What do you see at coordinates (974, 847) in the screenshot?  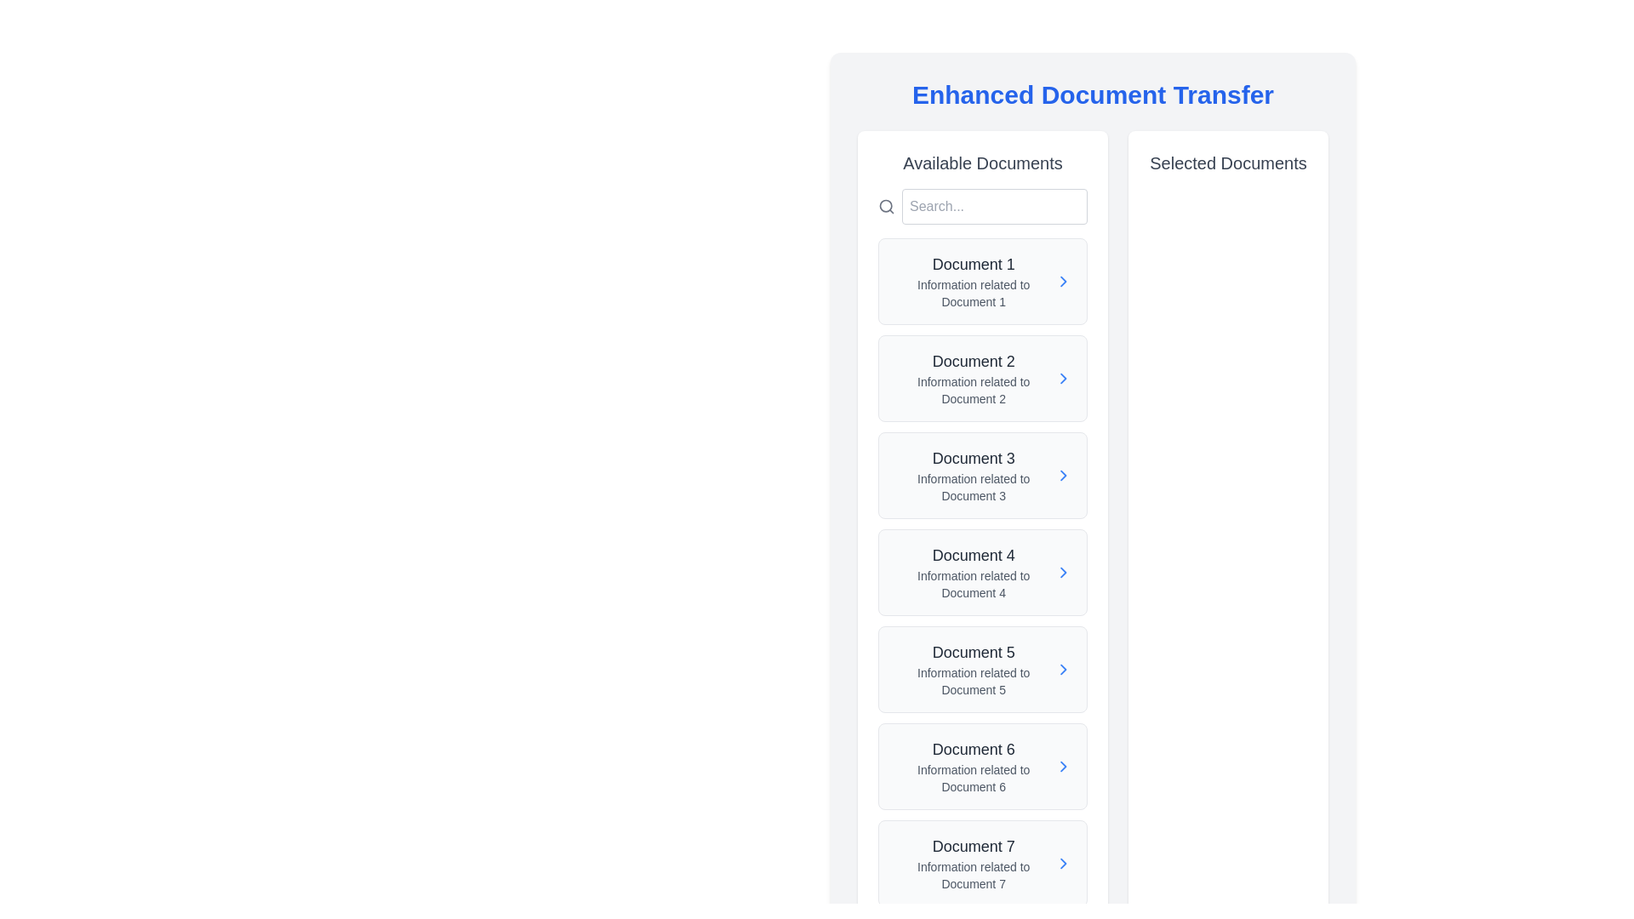 I see `the bold text label displaying 'Document 7' in the 'Available Documents' section on the left panel` at bounding box center [974, 847].